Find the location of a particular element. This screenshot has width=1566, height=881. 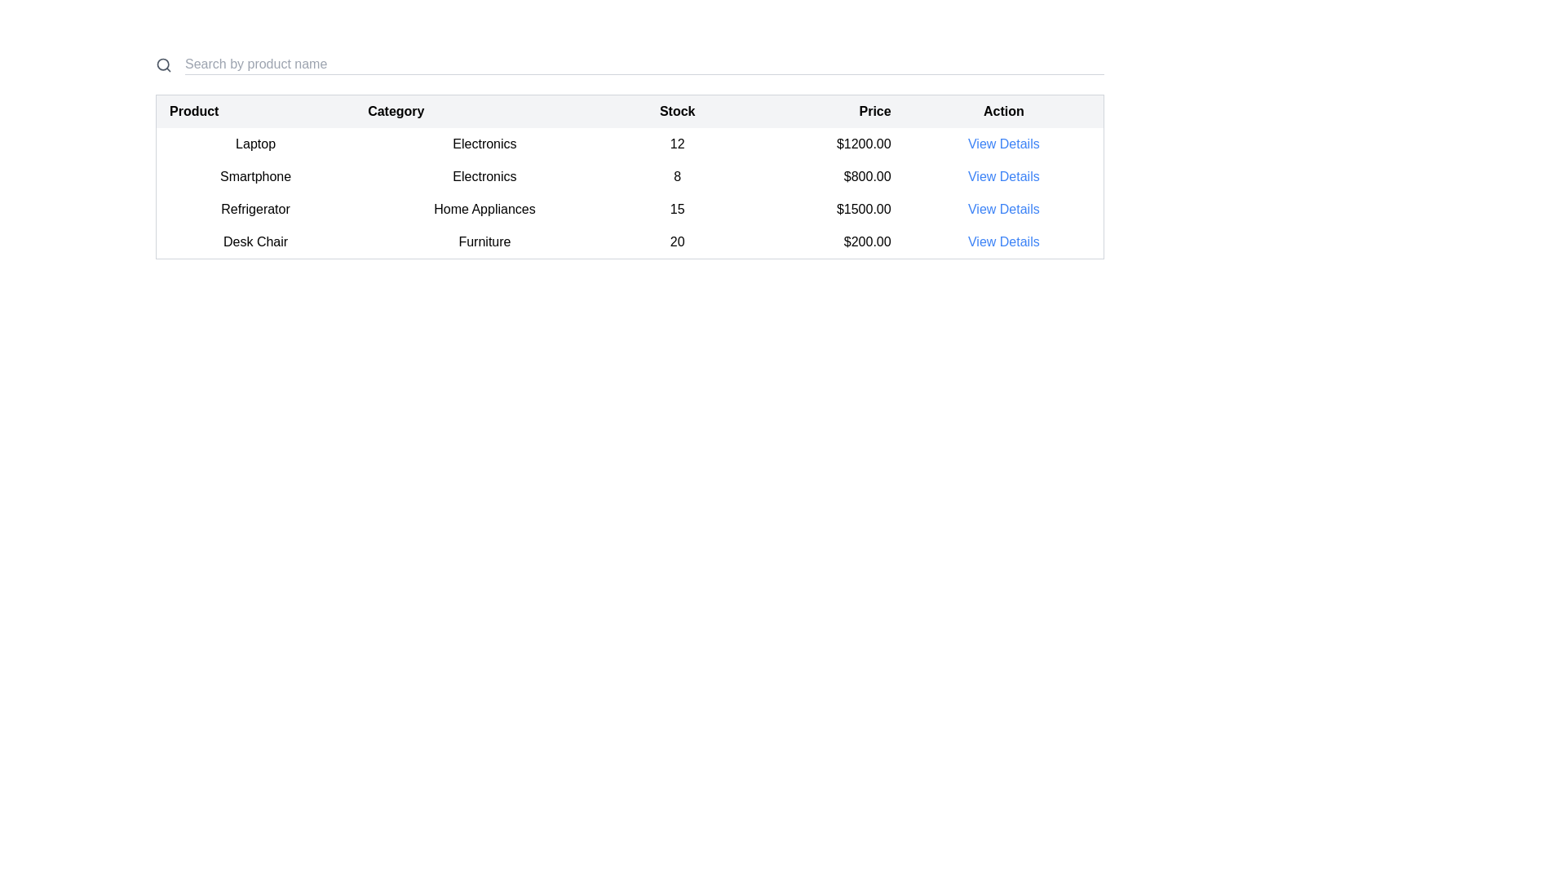

the text label displaying 'Furniture' in black font, located in the fourth row of the tabular layout under the 'Category' column is located at coordinates (484, 242).